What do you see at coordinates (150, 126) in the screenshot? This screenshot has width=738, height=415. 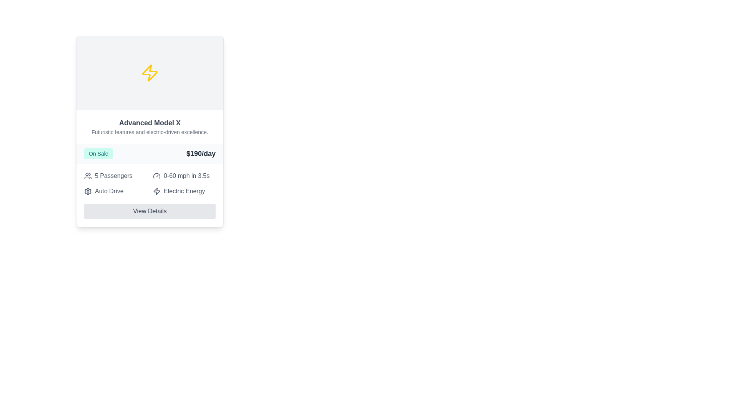 I see `the text element titled 'Advanced Model X' which contains a subtitle describing its futuristic features and electric-driven excellence` at bounding box center [150, 126].